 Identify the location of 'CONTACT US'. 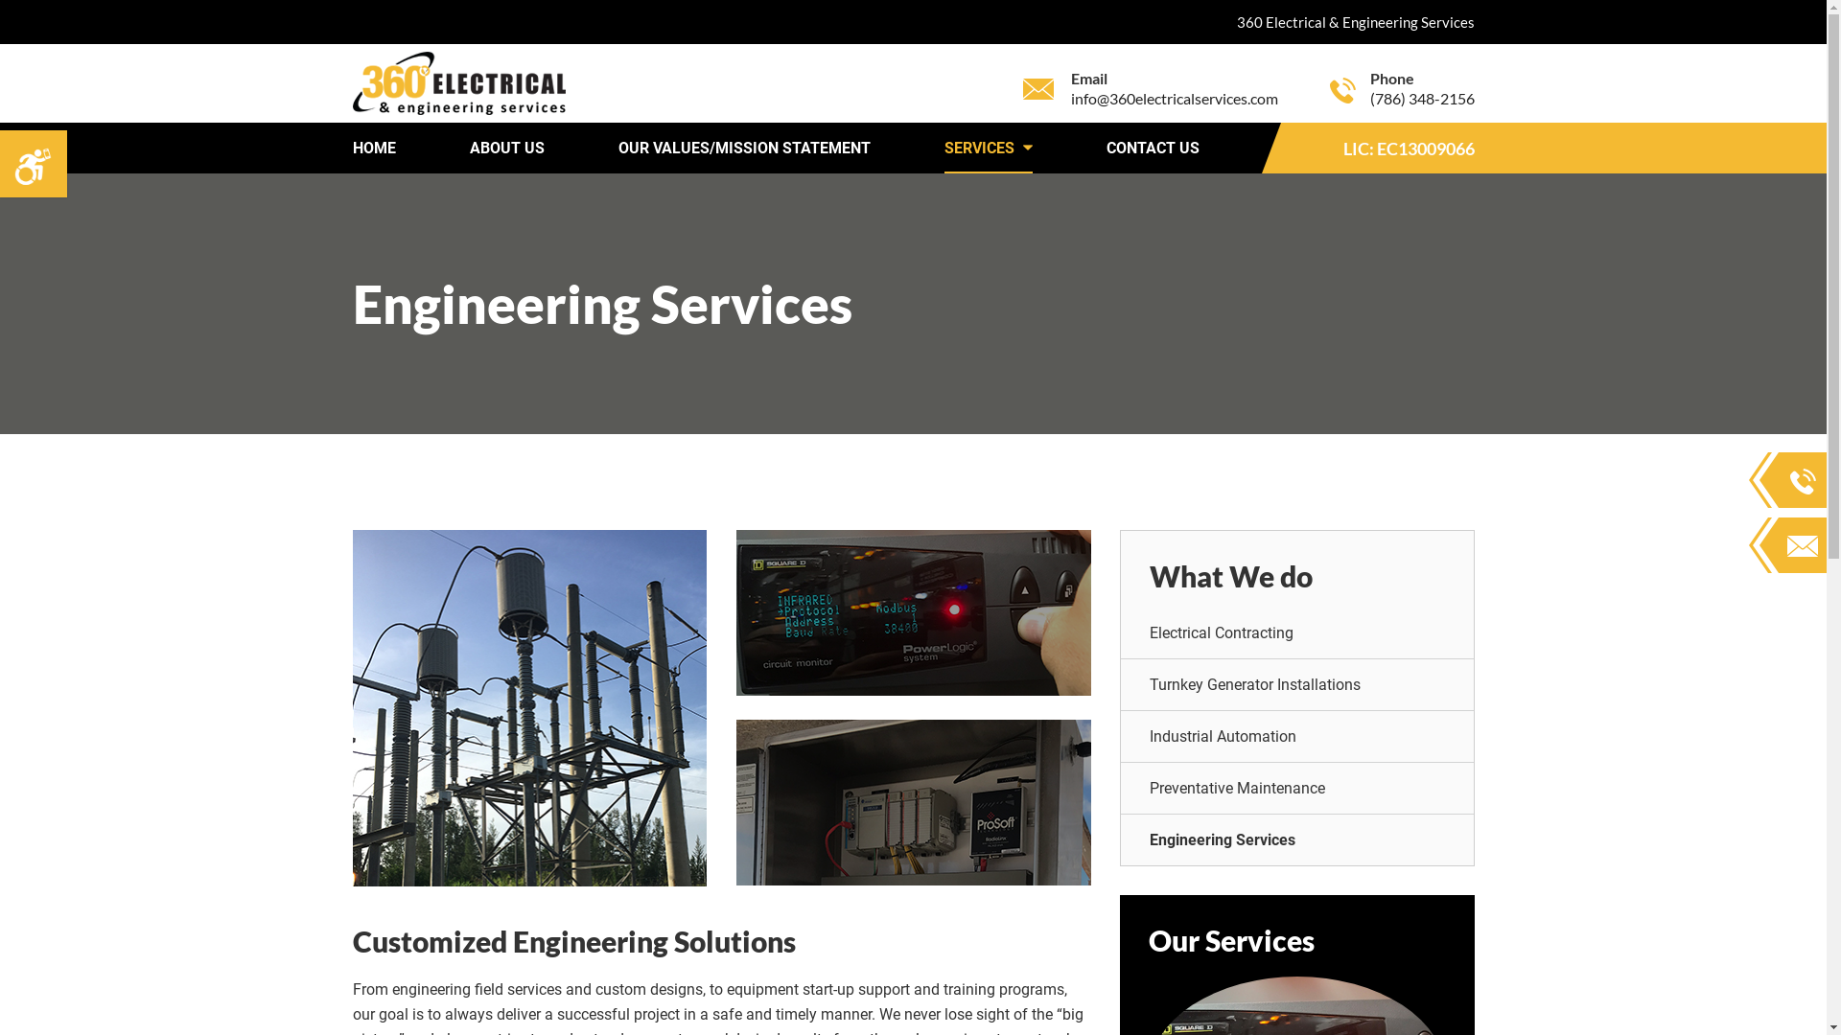
(1106, 147).